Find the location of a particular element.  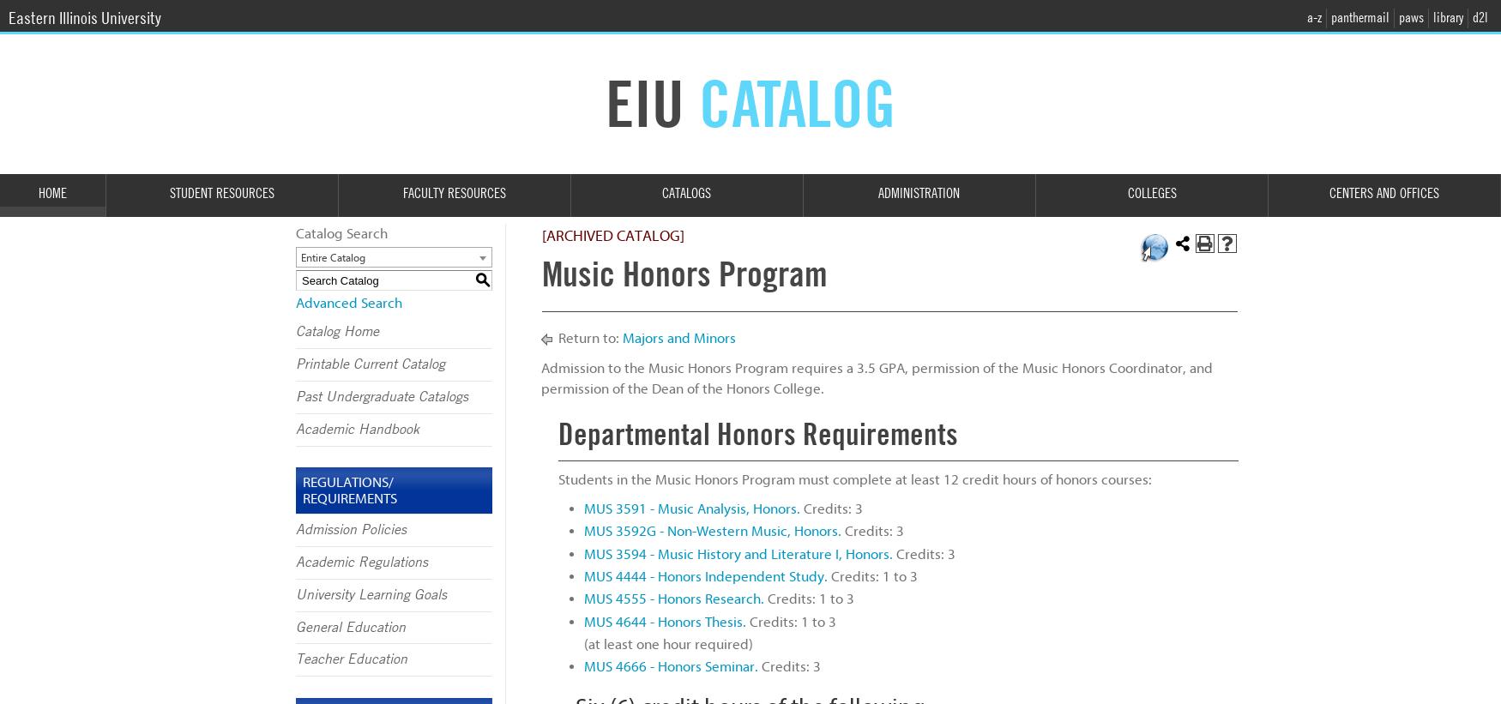

'Catalog Home' is located at coordinates (336, 331).